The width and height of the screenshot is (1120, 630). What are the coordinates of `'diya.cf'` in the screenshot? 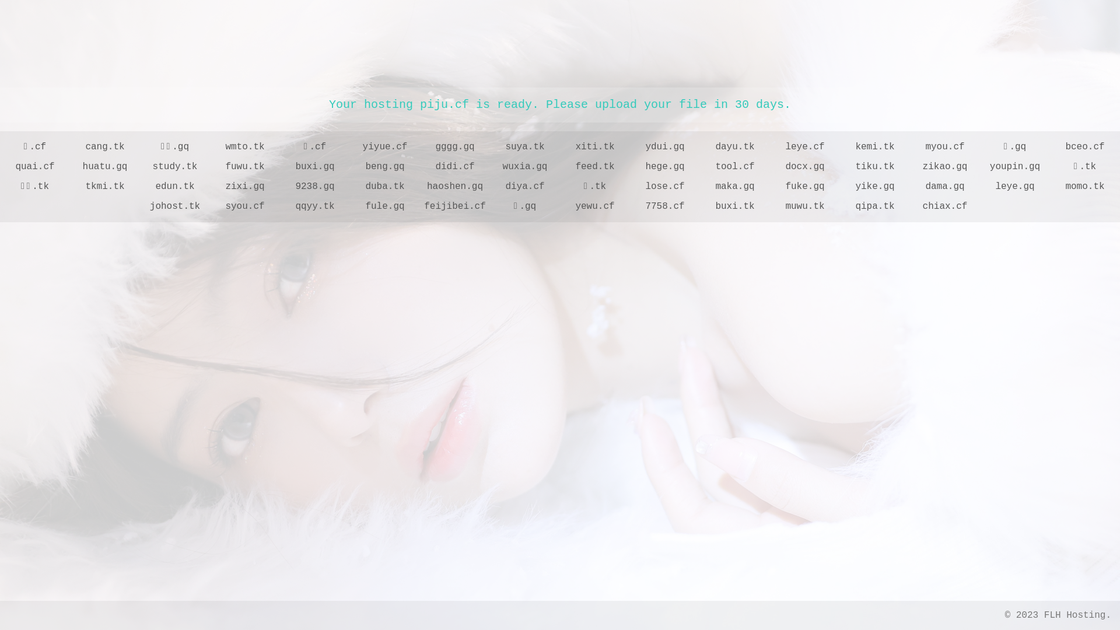 It's located at (524, 186).